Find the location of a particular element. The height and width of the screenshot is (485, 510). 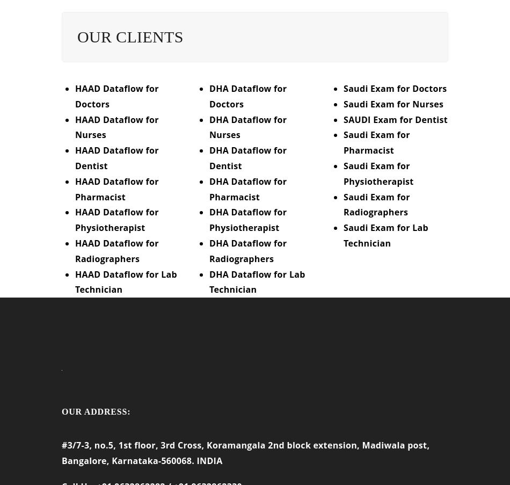

'DHA Dataflow for Doctors' is located at coordinates (247, 102).